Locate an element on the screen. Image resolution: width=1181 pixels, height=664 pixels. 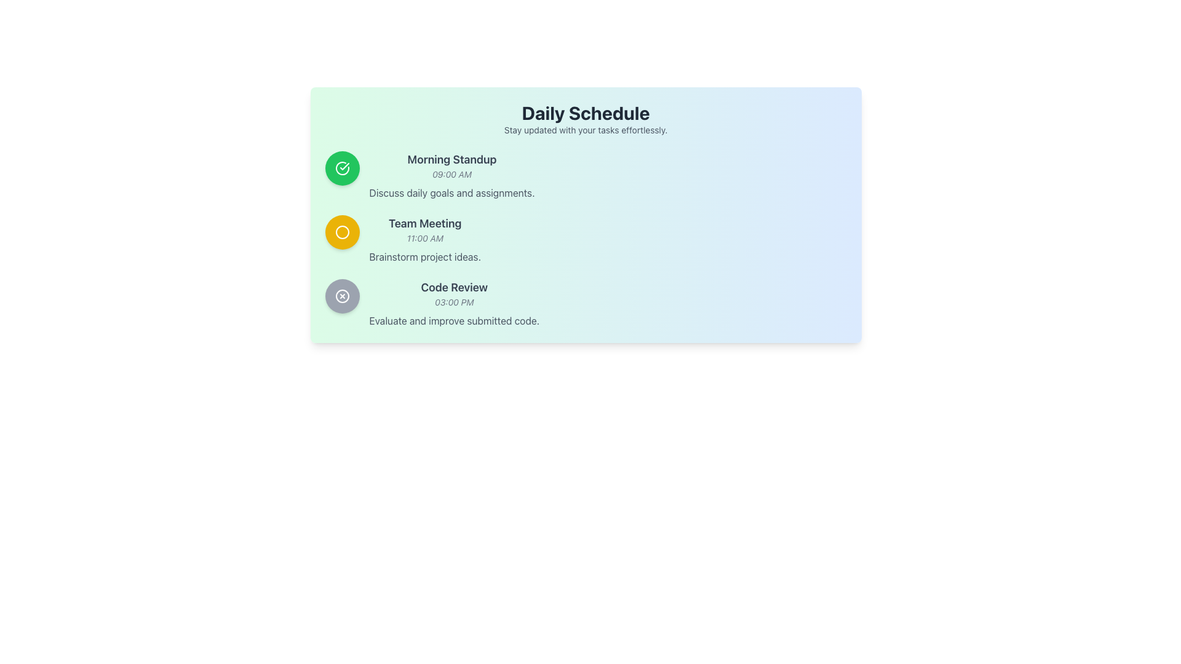
details of the second list item in the event schedule, which provides information about a specific scheduled event including its title, time, and description is located at coordinates (425, 239).